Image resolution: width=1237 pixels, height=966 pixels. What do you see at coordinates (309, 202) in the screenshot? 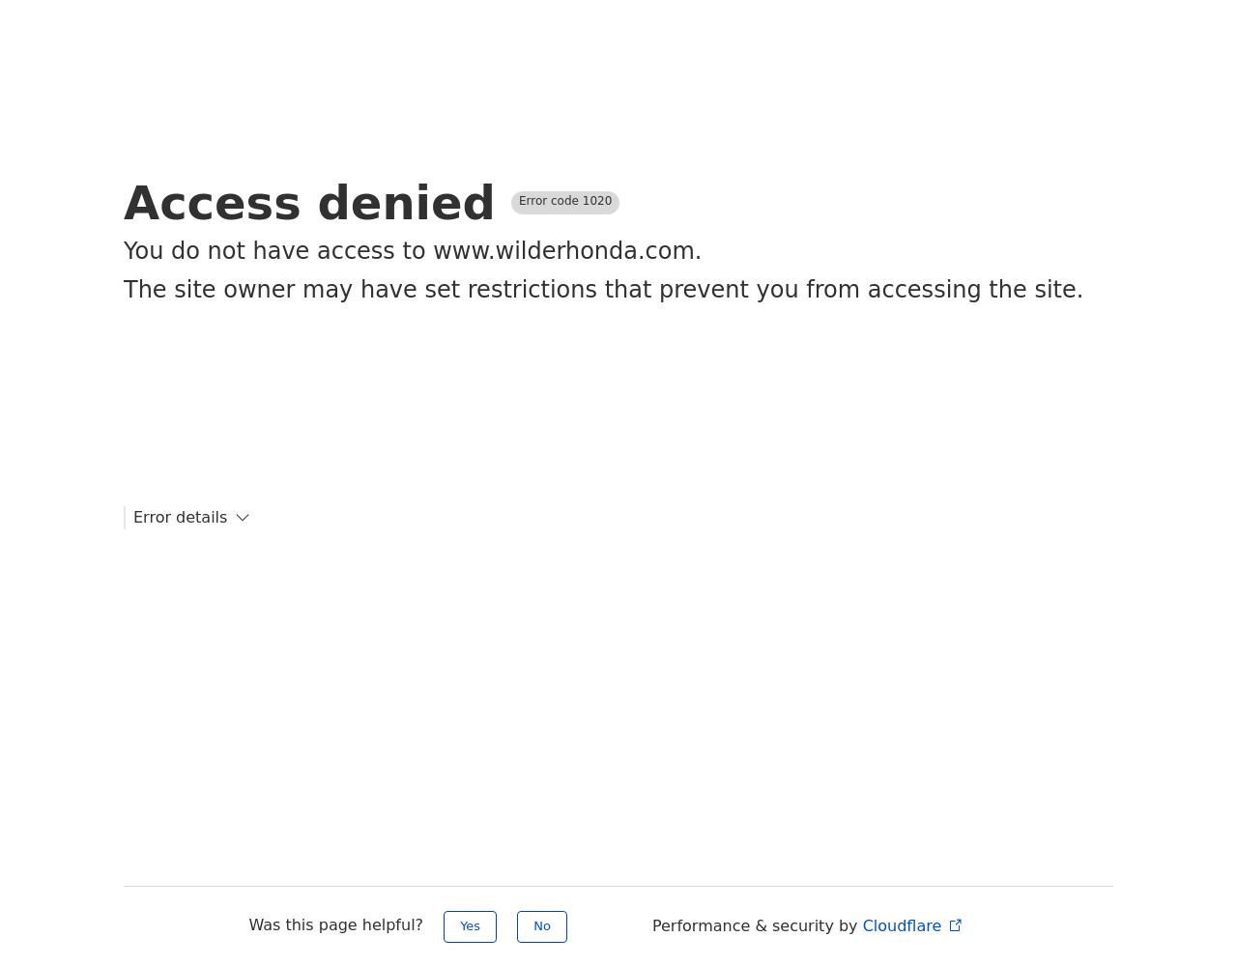
I see `'Access denied'` at bounding box center [309, 202].